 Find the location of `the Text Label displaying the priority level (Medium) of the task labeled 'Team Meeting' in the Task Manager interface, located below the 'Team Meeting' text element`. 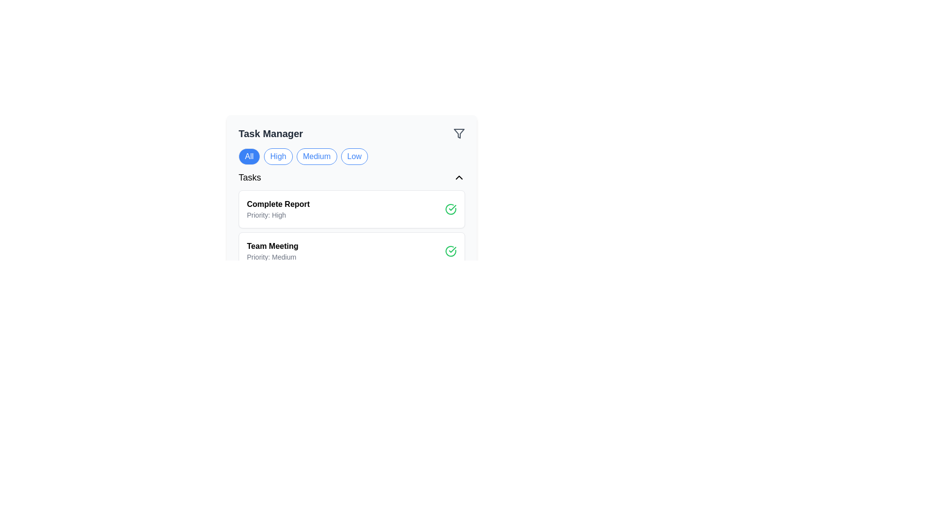

the Text Label displaying the priority level (Medium) of the task labeled 'Team Meeting' in the Task Manager interface, located below the 'Team Meeting' text element is located at coordinates (272, 257).